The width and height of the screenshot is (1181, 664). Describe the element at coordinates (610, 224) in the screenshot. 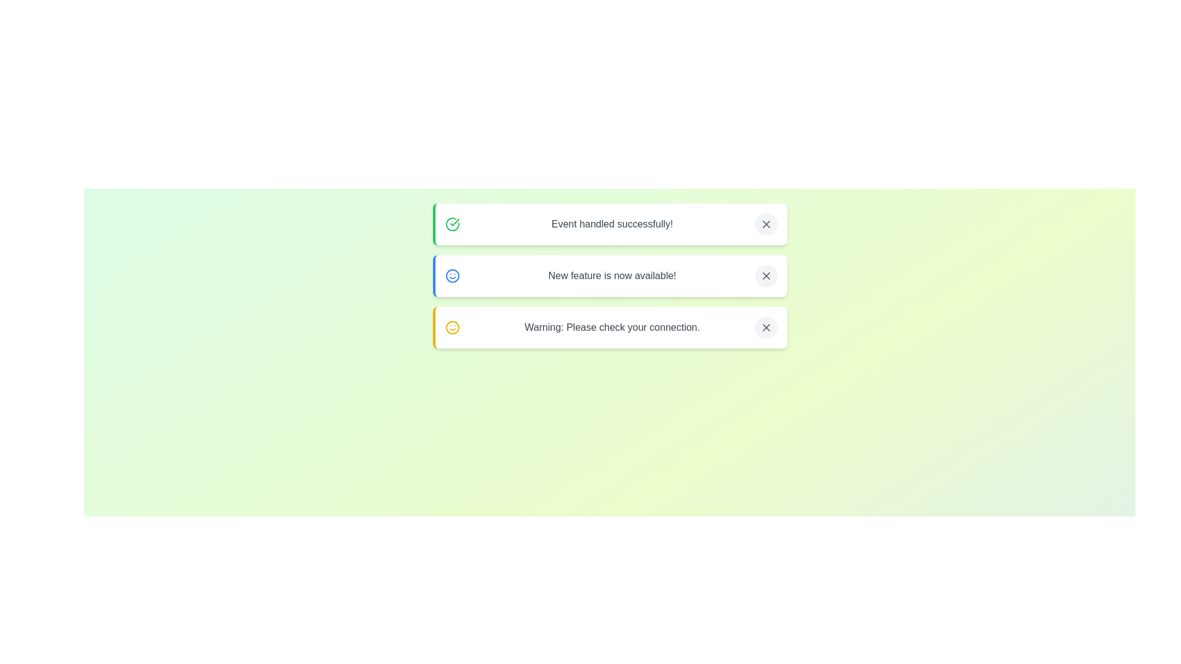

I see `the first notification card in the vertical list that indicates an event has been successfully handled` at that location.